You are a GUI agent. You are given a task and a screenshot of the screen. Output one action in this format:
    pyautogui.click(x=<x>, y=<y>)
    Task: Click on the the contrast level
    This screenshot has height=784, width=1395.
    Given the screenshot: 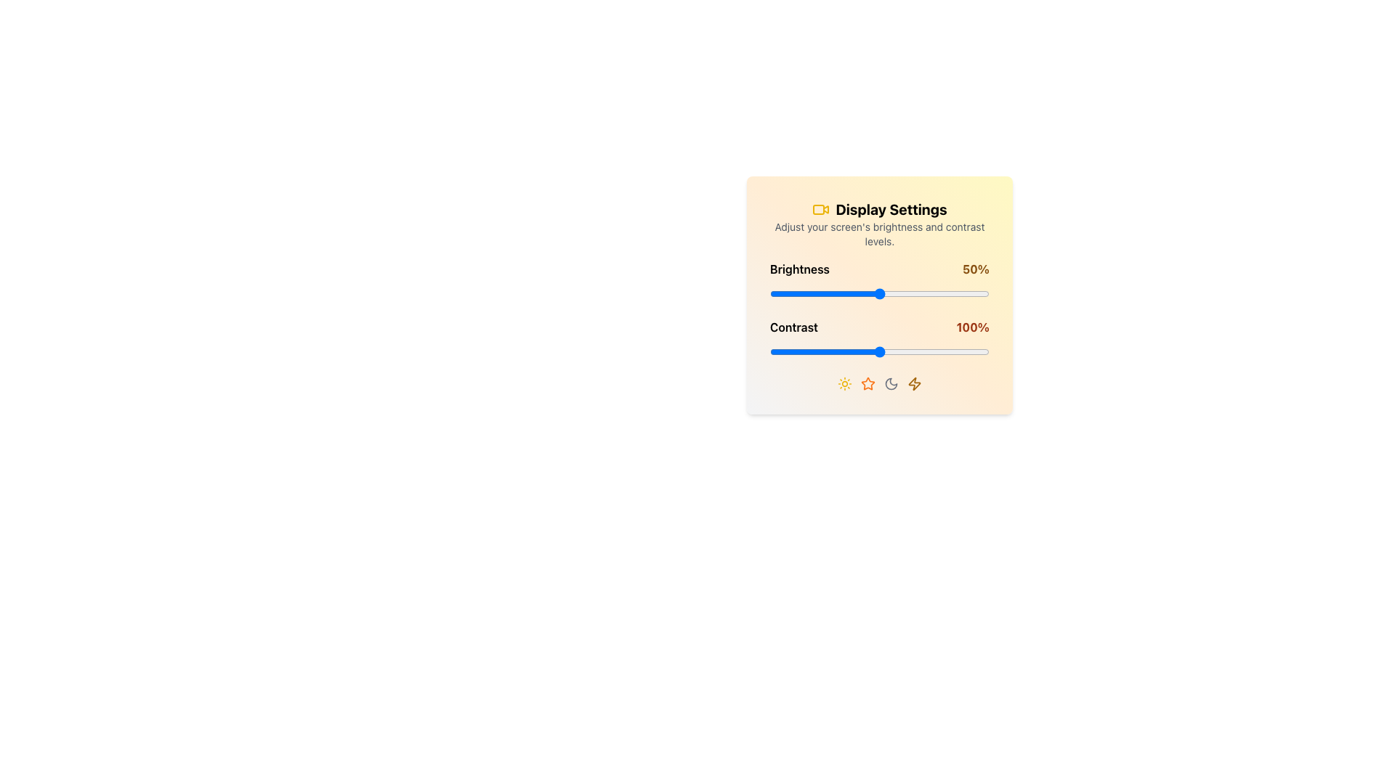 What is the action you would take?
    pyautogui.click(x=976, y=352)
    